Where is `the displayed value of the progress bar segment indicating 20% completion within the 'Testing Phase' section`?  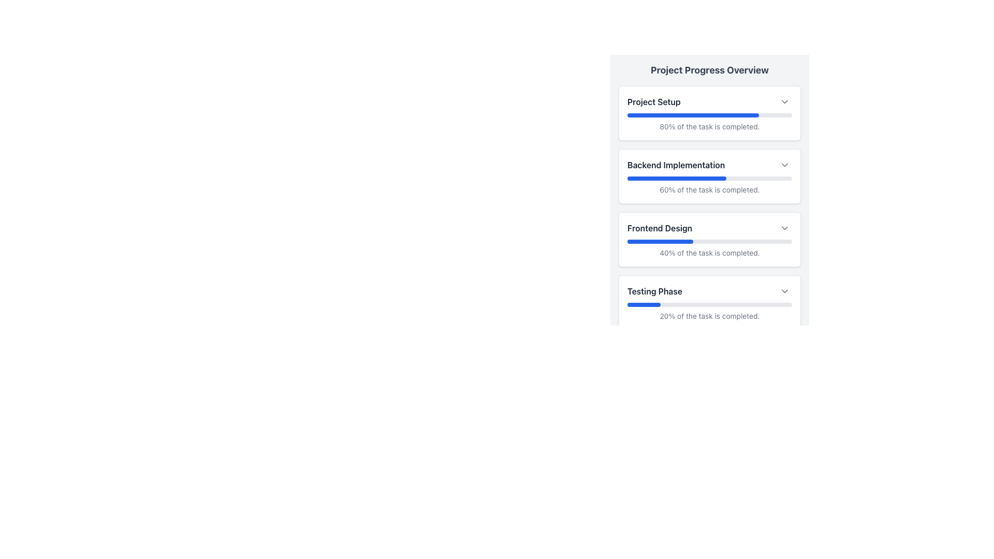 the displayed value of the progress bar segment indicating 20% completion within the 'Testing Phase' section is located at coordinates (643, 304).